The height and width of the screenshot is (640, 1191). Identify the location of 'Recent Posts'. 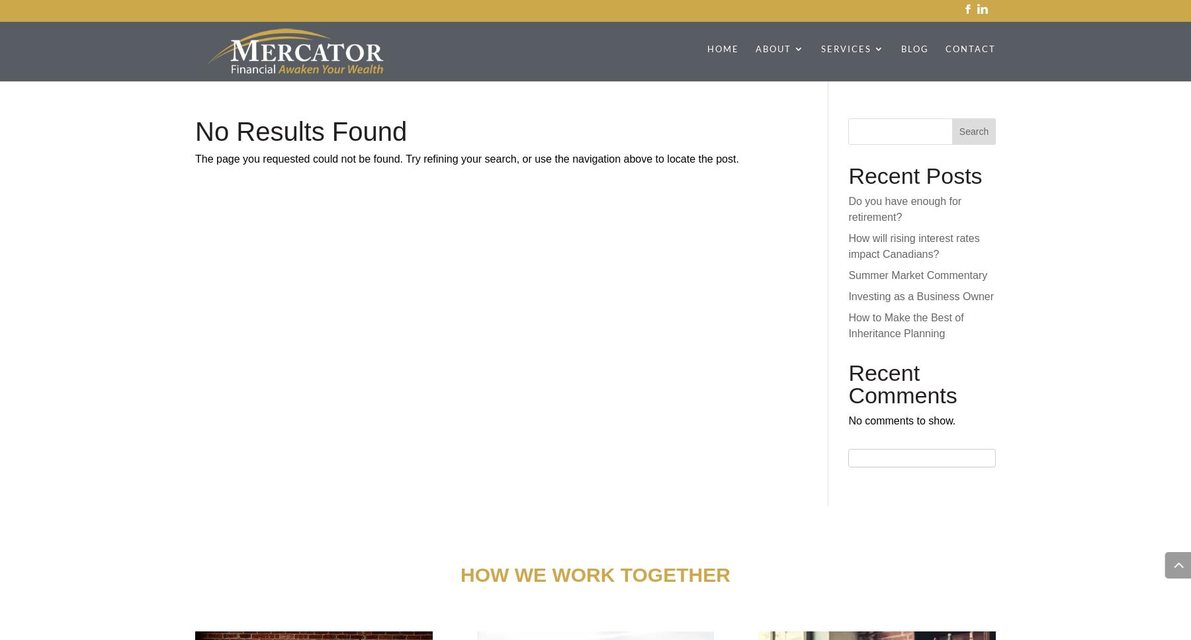
(848, 176).